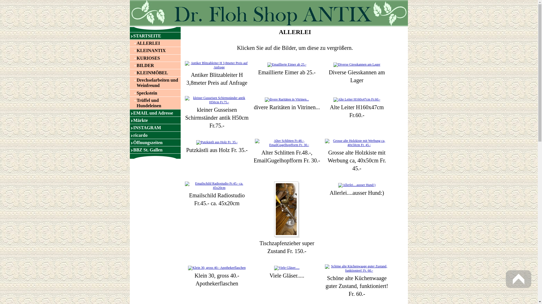 This screenshot has width=542, height=304. What do you see at coordinates (356, 64) in the screenshot?
I see `'Diverse Giesskannen am Lager'` at bounding box center [356, 64].